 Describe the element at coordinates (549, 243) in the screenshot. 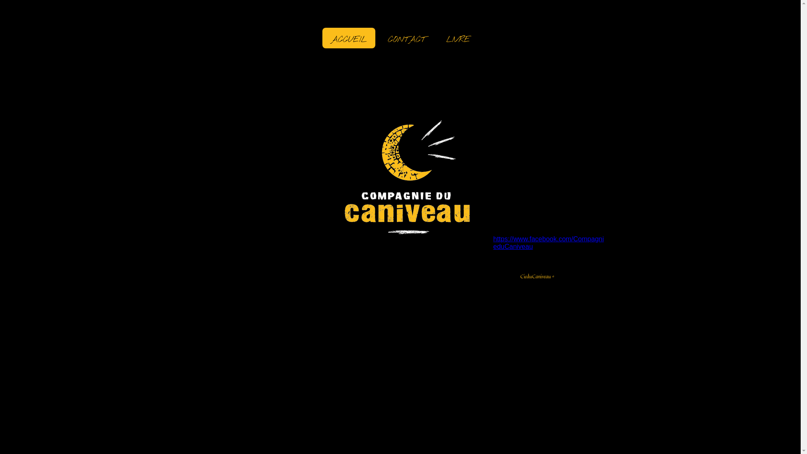

I see `'https://www.facebook.com/CompagnieduCaniveau'` at that location.